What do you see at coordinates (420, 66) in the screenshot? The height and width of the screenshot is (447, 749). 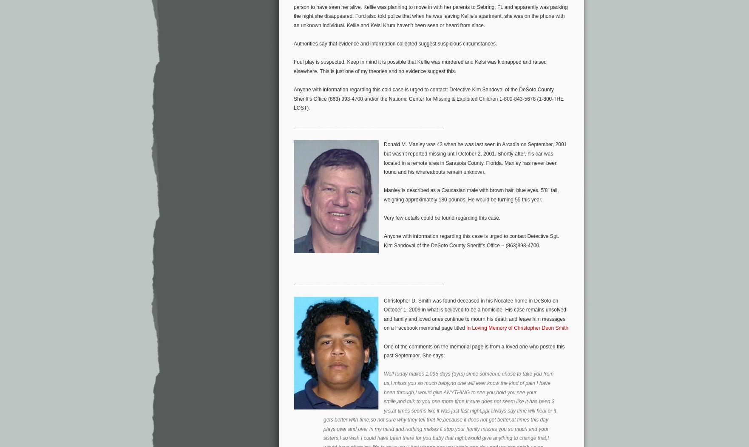 I see `'Foul play is suspected. Keep in mind it is possible that Kellie was murdered and Kelsi was kidnapped and raised elsewhere. This is just one of my theories and no evidence suggest this.'` at bounding box center [420, 66].